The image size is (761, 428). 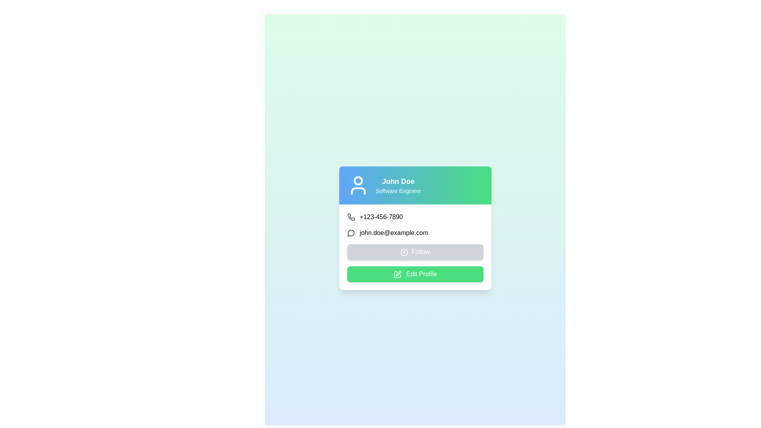 I want to click on the static text display that shows the contact phone number within the user profile card, located next to the phone icon, so click(x=381, y=217).